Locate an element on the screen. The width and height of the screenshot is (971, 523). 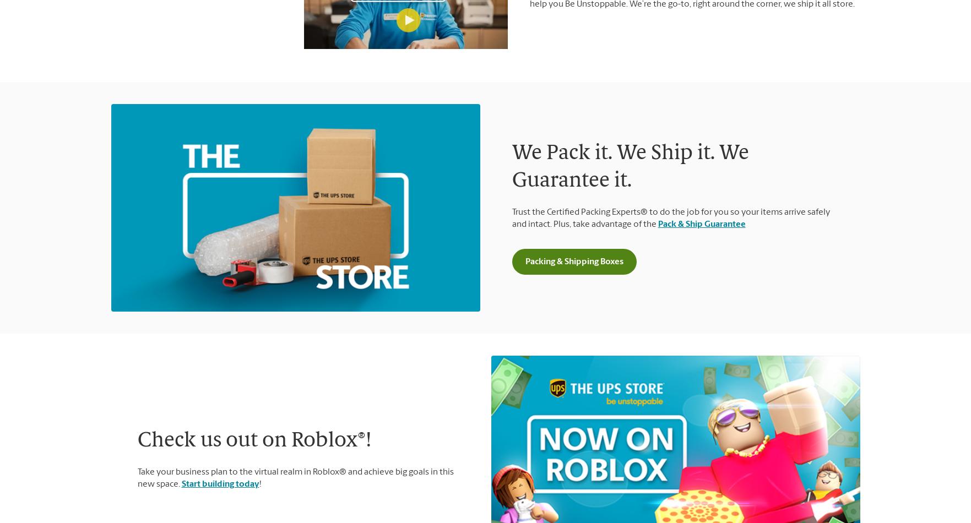
'8:00 AM' is located at coordinates (741, 273).